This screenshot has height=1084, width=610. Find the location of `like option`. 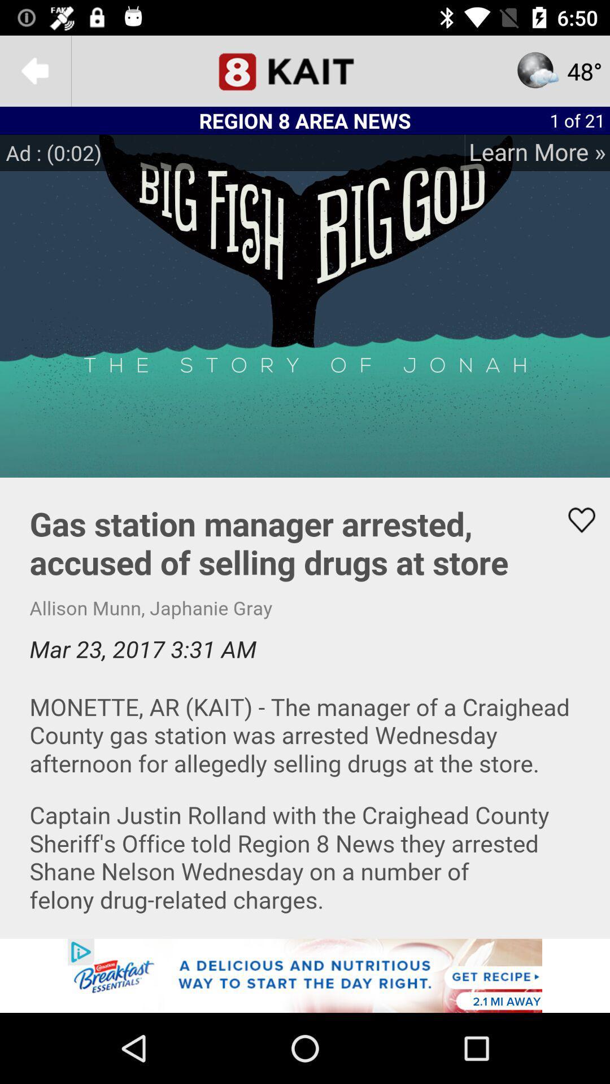

like option is located at coordinates (574, 519).